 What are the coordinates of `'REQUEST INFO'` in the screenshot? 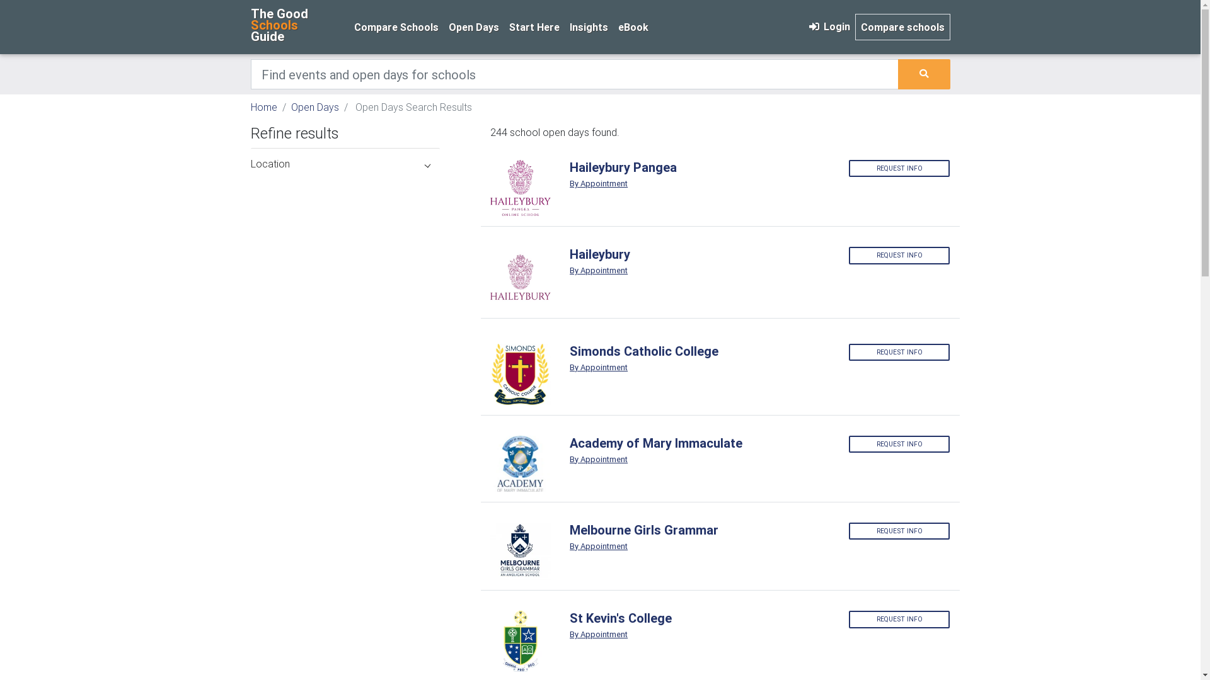 It's located at (898, 167).